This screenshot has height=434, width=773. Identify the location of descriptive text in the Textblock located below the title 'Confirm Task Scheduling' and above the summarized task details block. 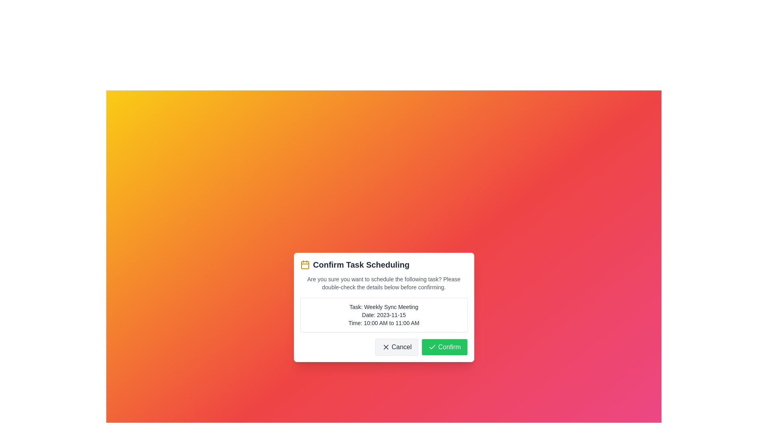
(383, 283).